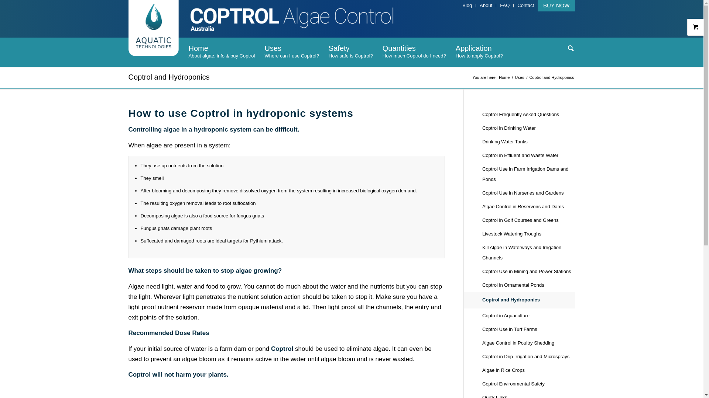 The width and height of the screenshot is (709, 398). Describe the element at coordinates (528, 155) in the screenshot. I see `'Coptrol in Effluent and Waste Water'` at that location.